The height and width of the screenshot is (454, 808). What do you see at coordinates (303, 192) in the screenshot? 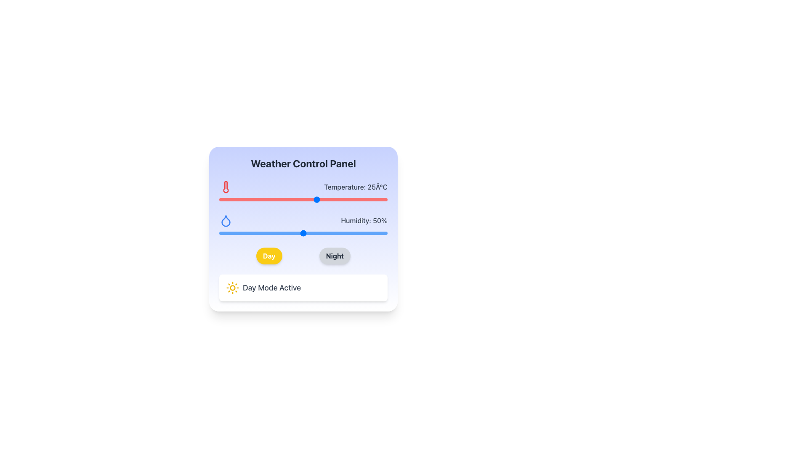
I see `the range slider component labeled 'Temperature: 25°C'` at bounding box center [303, 192].